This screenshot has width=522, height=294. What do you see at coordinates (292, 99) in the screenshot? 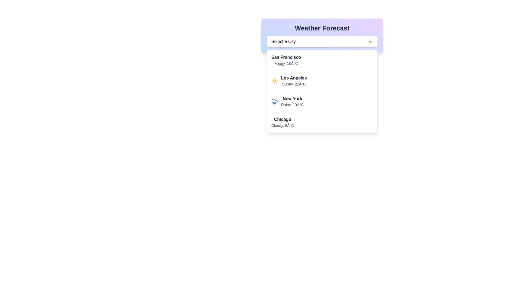
I see `the bold text element that reads 'New York' located within the dropdown list under the 'Weather Forecast' header` at bounding box center [292, 99].